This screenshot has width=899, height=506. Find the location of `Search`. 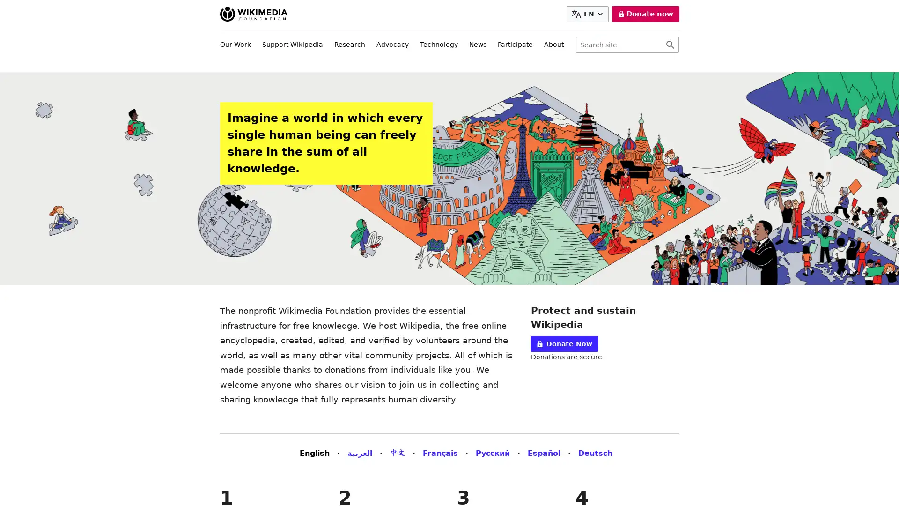

Search is located at coordinates (670, 45).